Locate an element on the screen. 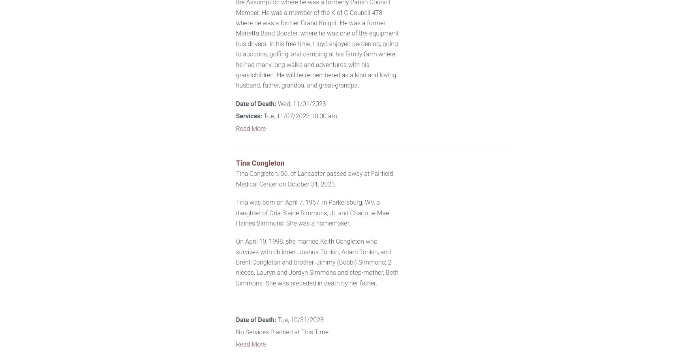 The image size is (691, 356). 'On April 19, 1998, she married Keith Congleton who survives with children: Joshua Tonkin, Adam Tonkin, and Brent Congleton and brother, Jimmy (Bobbi) Simmons; 2 nieces, Lauryn and Jordyn Simmons and step-mother, Beth Simmons. She was preceded in death by her father.' is located at coordinates (316, 261).